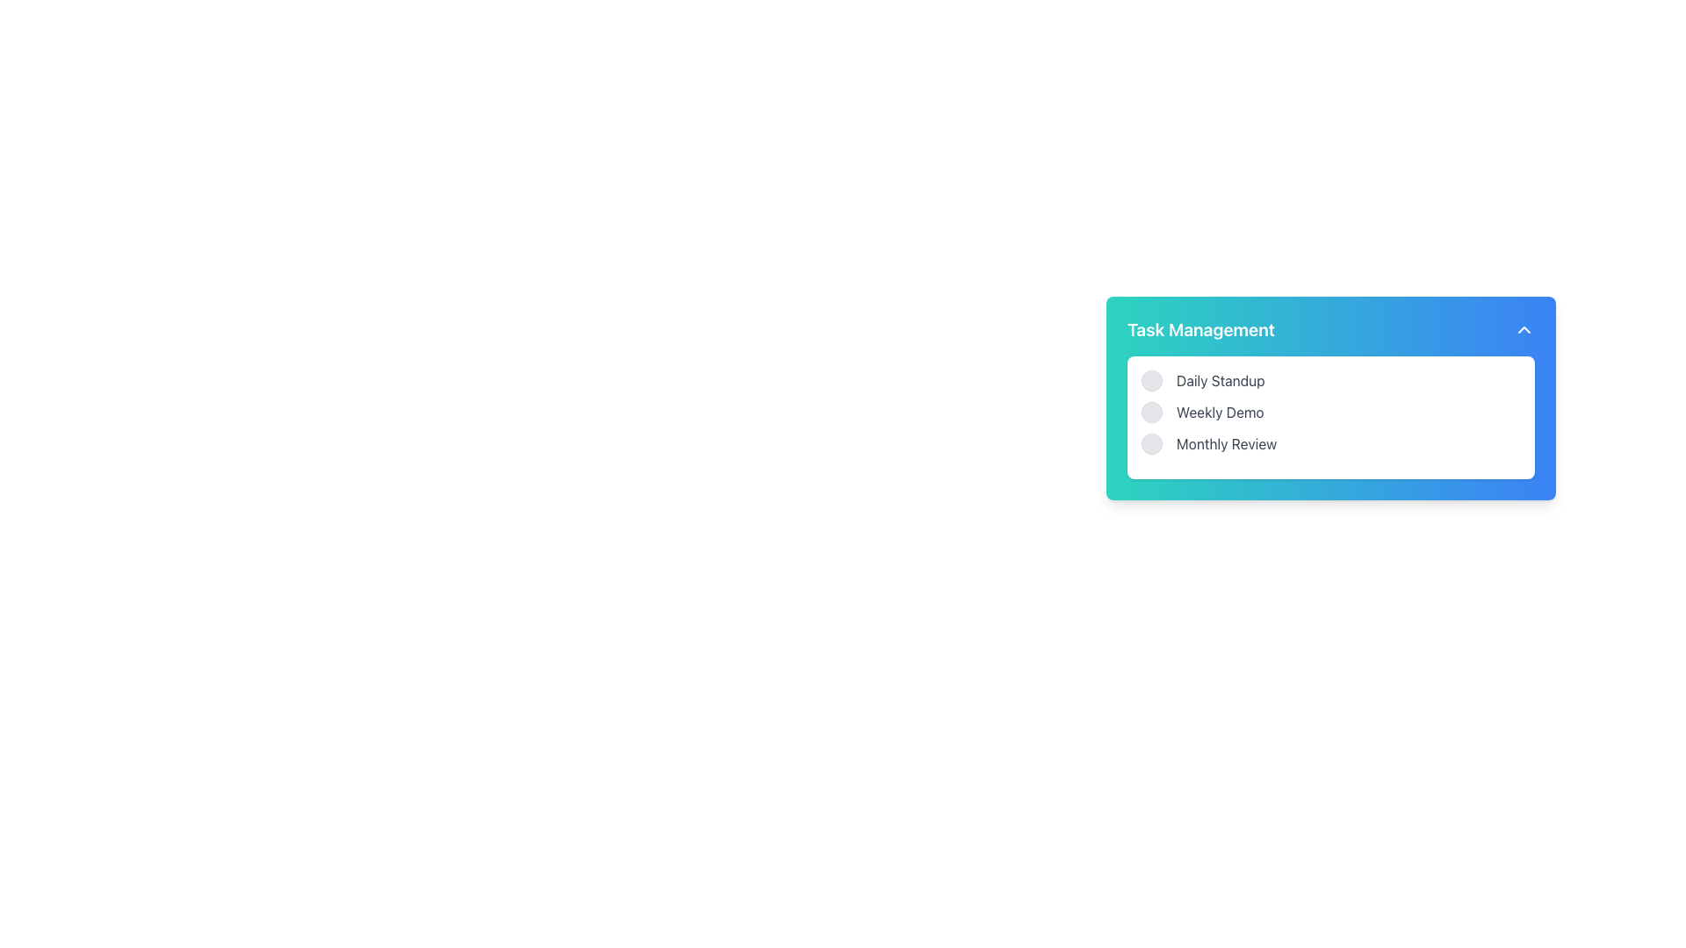  What do you see at coordinates (1219, 413) in the screenshot?
I see `the text label for the second item in the 'Task Management' list, which is positioned between 'Daily Standup' and 'Monthly Review'` at bounding box center [1219, 413].